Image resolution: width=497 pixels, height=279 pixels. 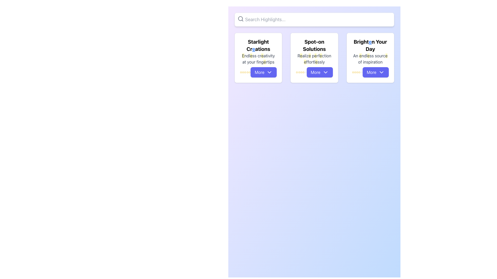 What do you see at coordinates (258, 45) in the screenshot?
I see `the text element displaying 'Starlight Creations', which is bold and larger than surrounding text, located at the top of the first card in a three-card row layout` at bounding box center [258, 45].